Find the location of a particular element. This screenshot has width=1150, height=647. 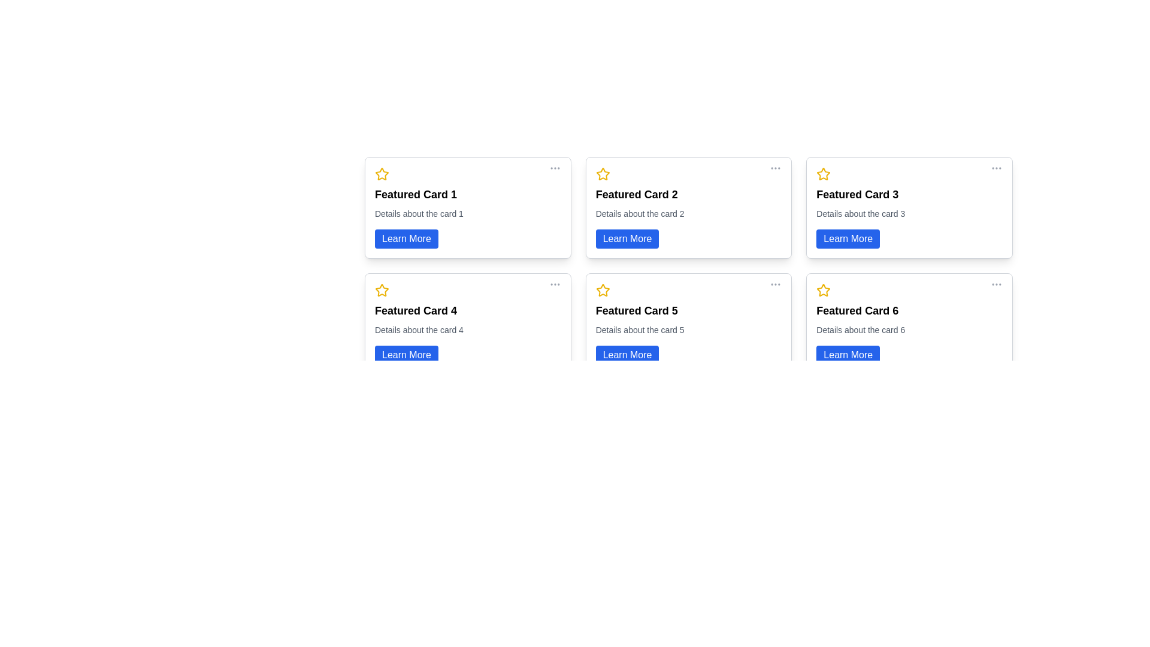

the 'Learn More' button with a blue background located at the bottom of 'Featured Card 6' is located at coordinates (848, 355).